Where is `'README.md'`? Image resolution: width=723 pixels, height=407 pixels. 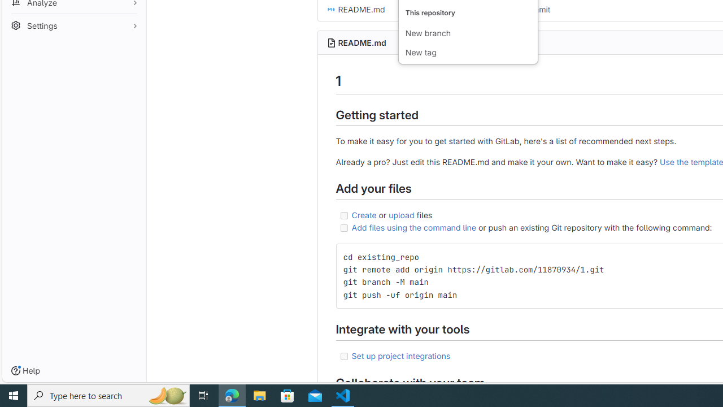
'README.md' is located at coordinates (361, 42).